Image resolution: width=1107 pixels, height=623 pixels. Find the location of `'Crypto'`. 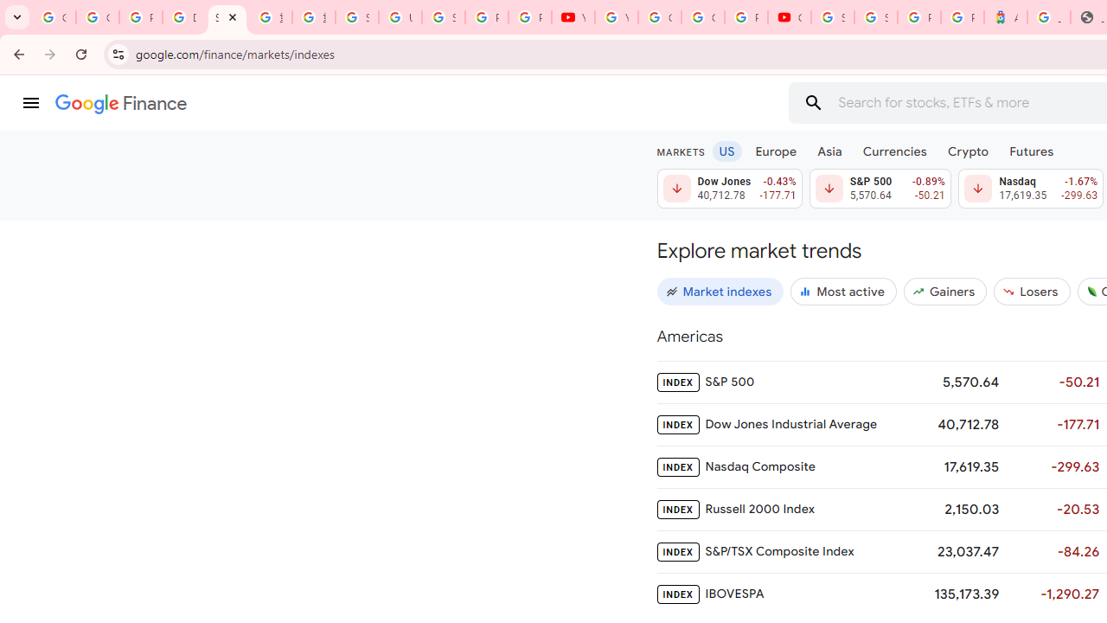

'Crypto' is located at coordinates (967, 150).